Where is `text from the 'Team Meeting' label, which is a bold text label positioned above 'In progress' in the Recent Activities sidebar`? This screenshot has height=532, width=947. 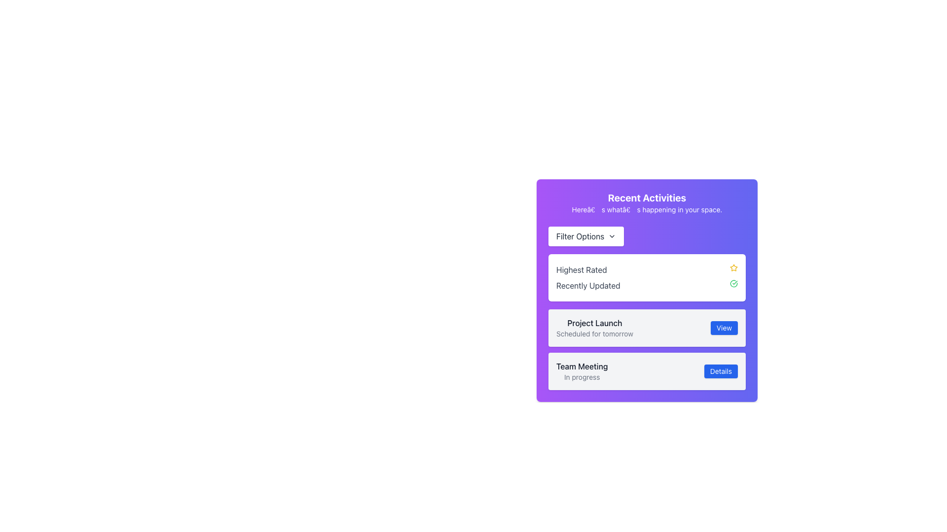
text from the 'Team Meeting' label, which is a bold text label positioned above 'In progress' in the Recent Activities sidebar is located at coordinates (582, 366).